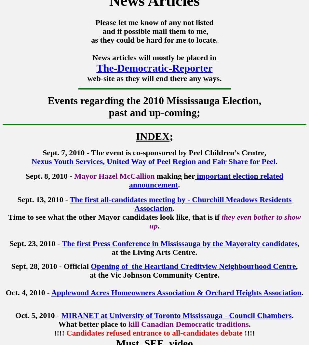 This screenshot has width=309, height=345. I want to click on 'News articles will mostly be placed in', so click(154, 57).